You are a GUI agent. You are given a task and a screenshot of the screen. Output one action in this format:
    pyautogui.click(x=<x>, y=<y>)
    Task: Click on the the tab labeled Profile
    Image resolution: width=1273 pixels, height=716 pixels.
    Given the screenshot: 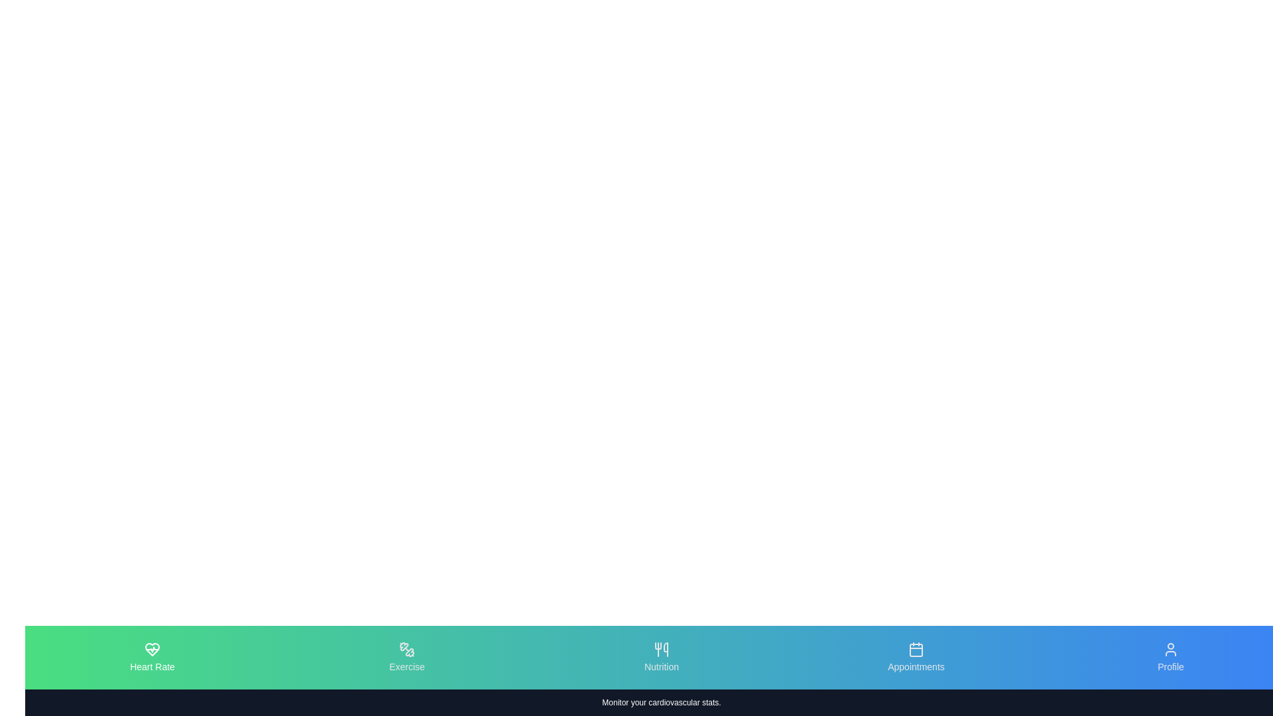 What is the action you would take?
    pyautogui.click(x=1171, y=657)
    